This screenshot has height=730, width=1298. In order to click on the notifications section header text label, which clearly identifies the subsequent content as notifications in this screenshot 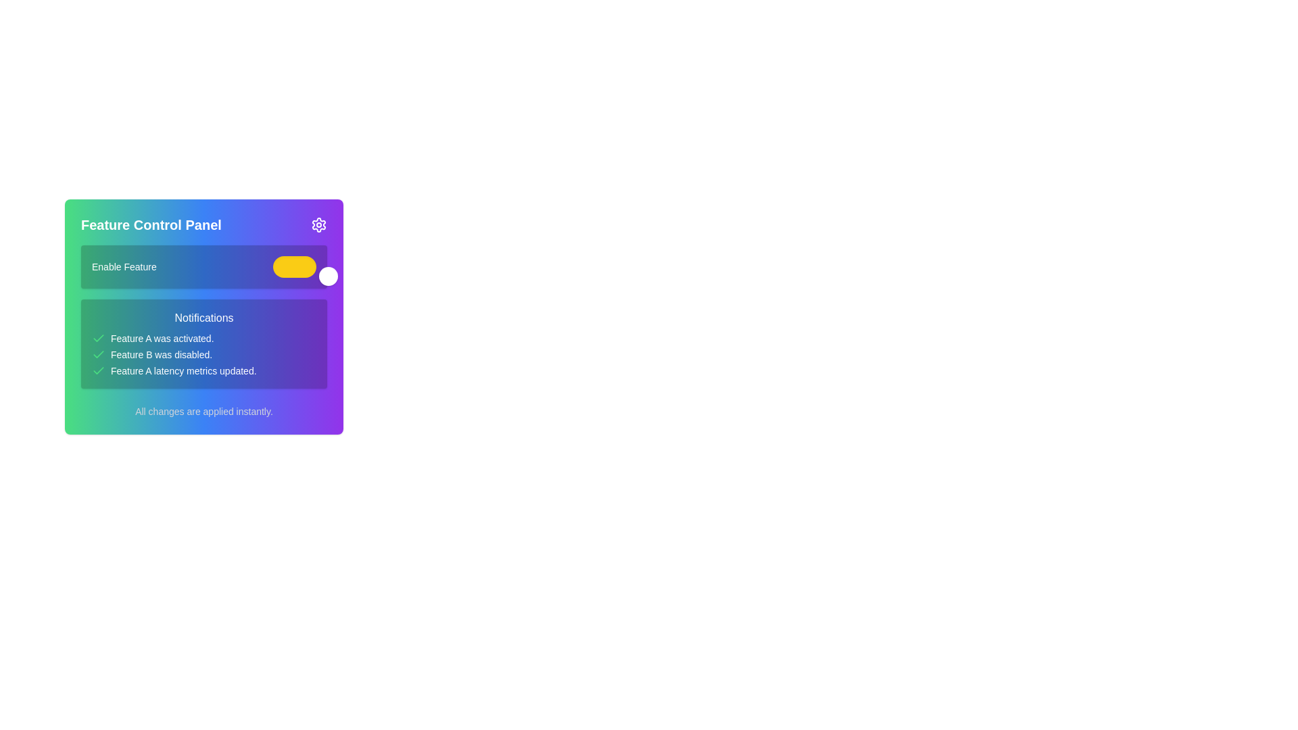, I will do `click(203, 318)`.